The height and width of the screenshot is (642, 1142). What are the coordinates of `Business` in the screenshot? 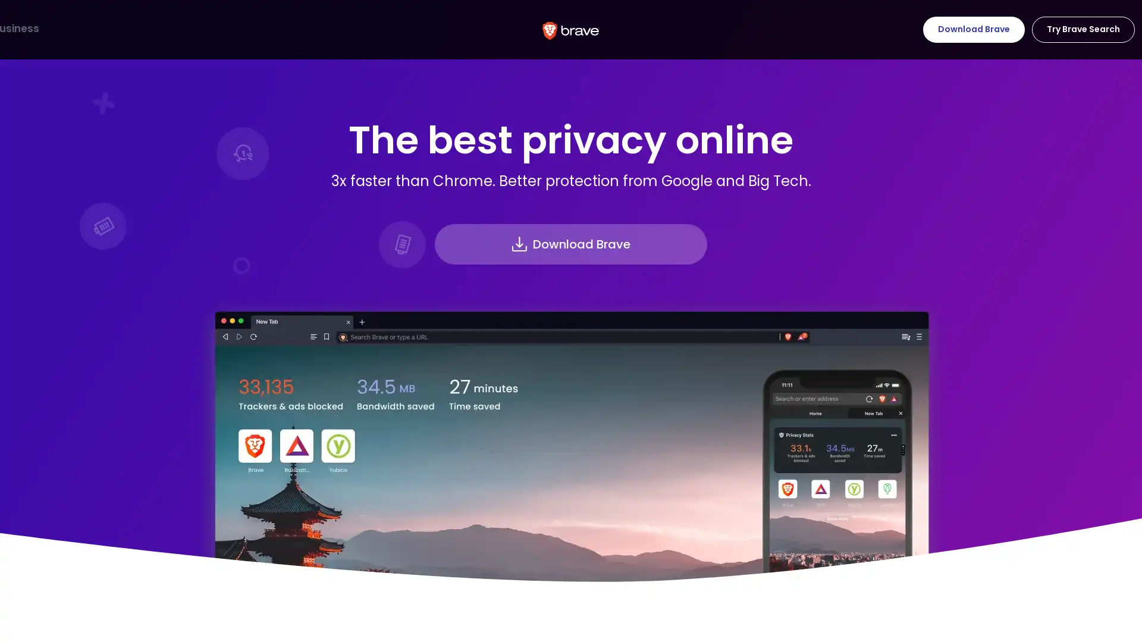 It's located at (280, 29).